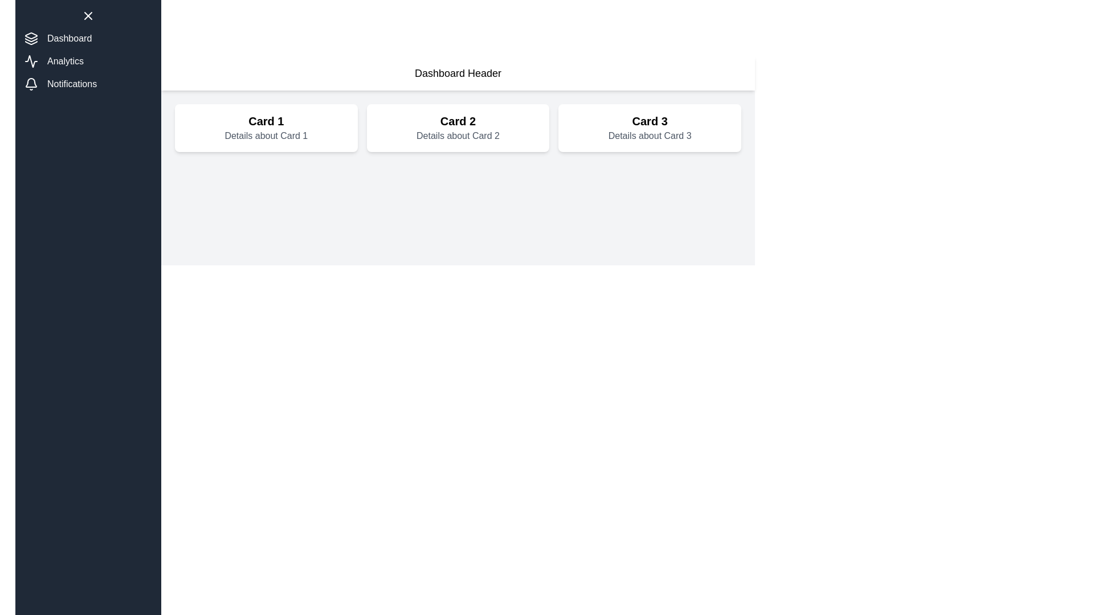 Image resolution: width=1094 pixels, height=615 pixels. What do you see at coordinates (87, 61) in the screenshot?
I see `the navigation link in the sidebar menu` at bounding box center [87, 61].